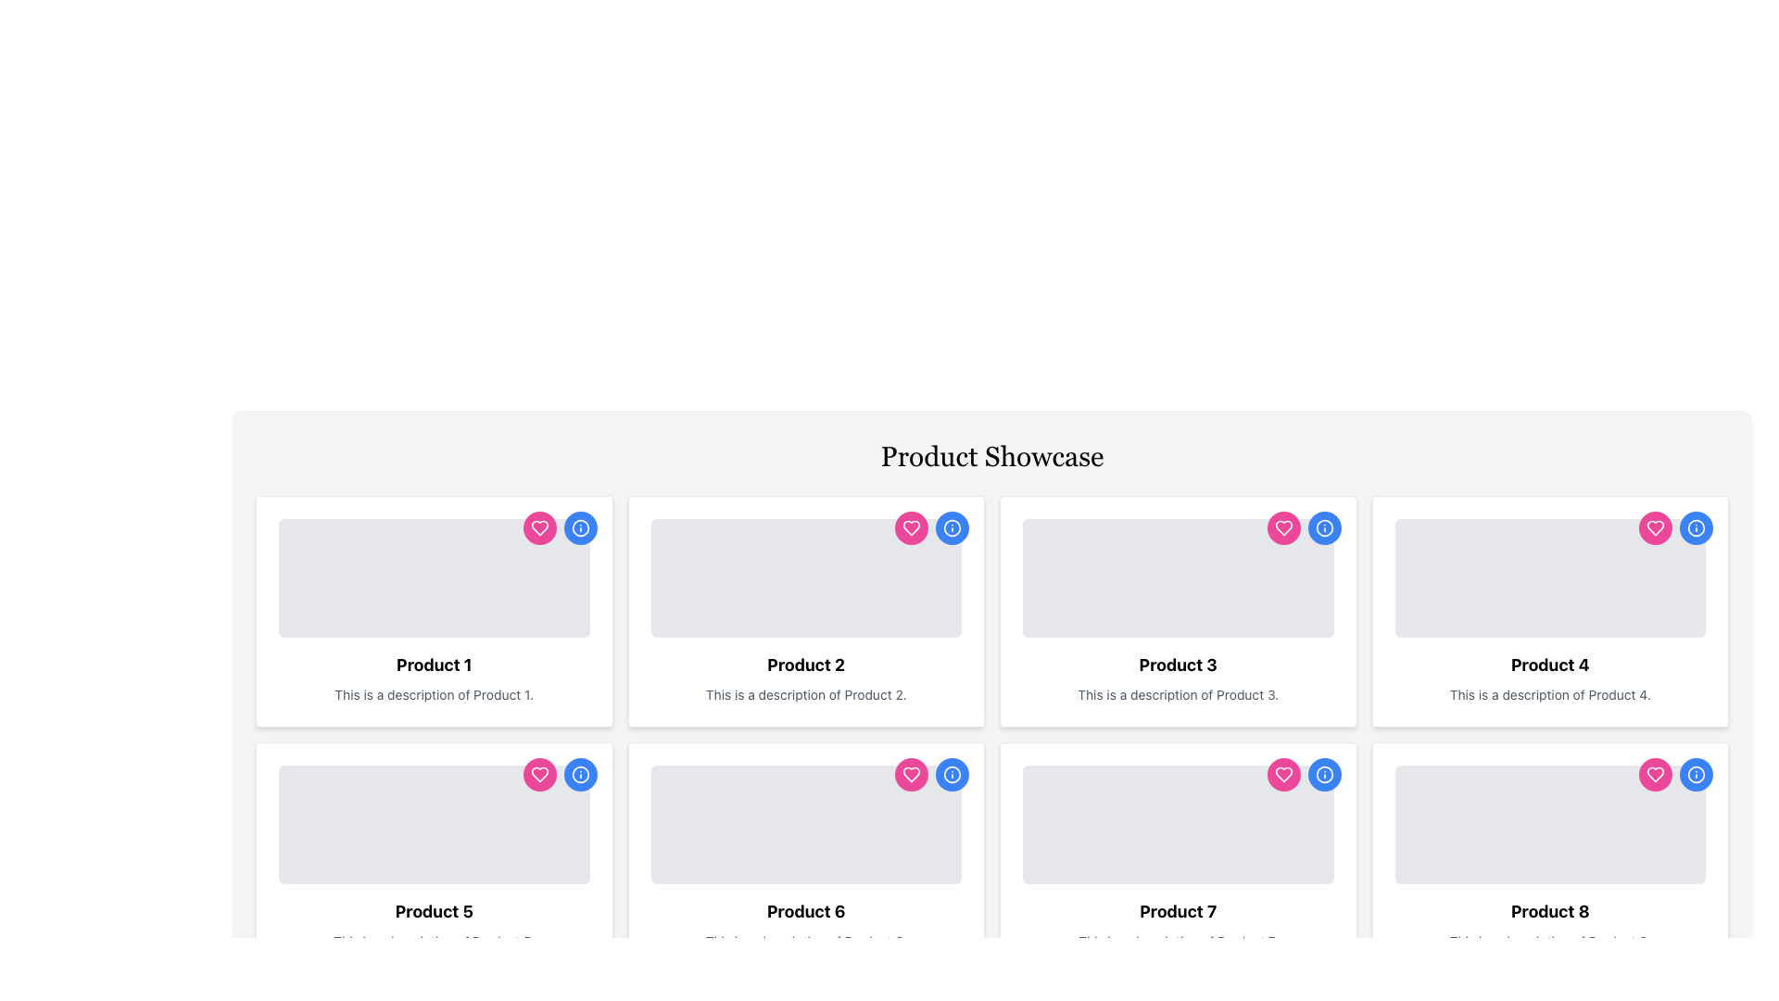 This screenshot has height=1001, width=1779. I want to click on the heart-shaped icon button in the top-right area of the 'Product 2' card to mark it as a favorite, so click(911, 528).